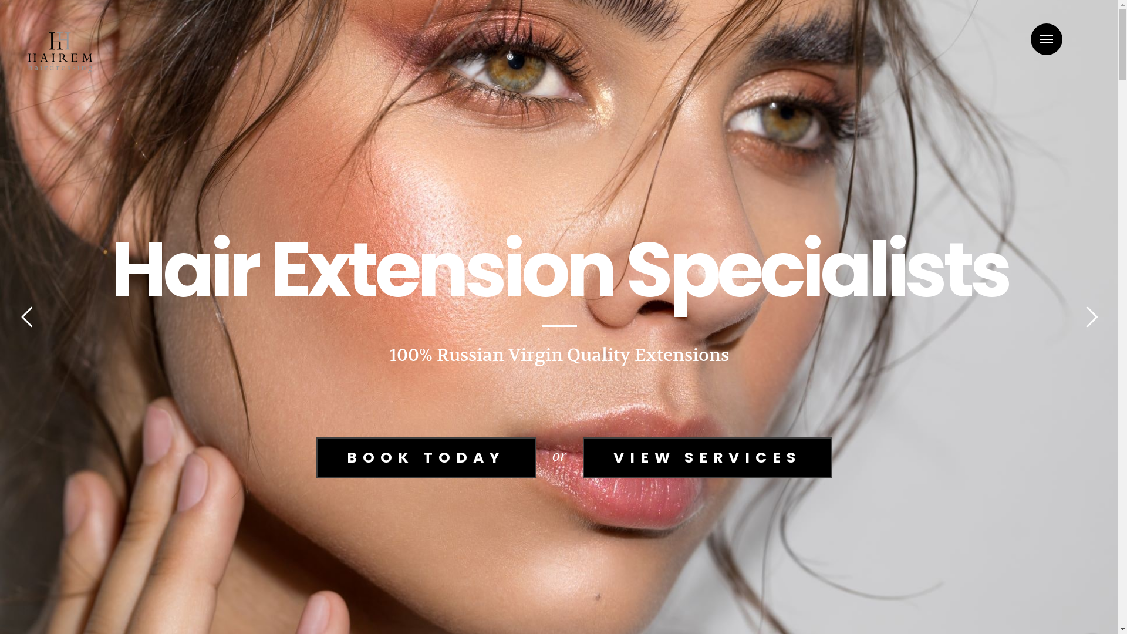 The image size is (1127, 634). Describe the element at coordinates (1046, 38) in the screenshot. I see `'Menu'` at that location.